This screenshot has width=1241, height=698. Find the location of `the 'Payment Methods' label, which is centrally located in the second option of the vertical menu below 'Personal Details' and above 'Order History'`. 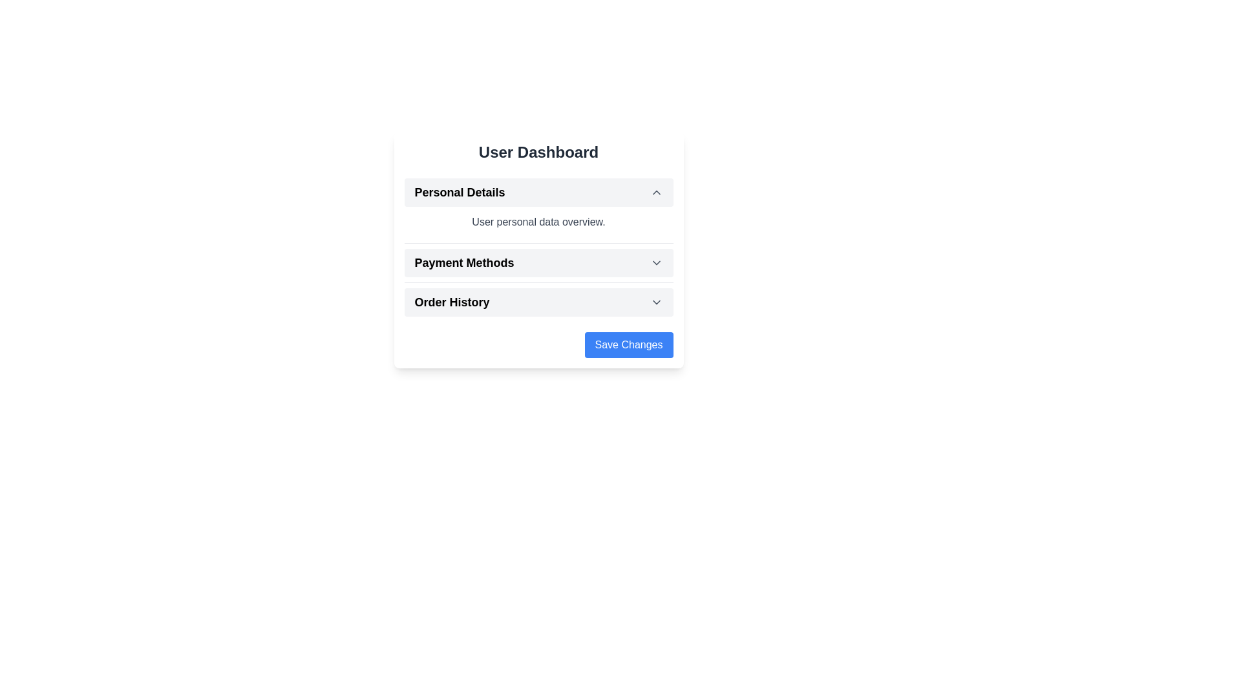

the 'Payment Methods' label, which is centrally located in the second option of the vertical menu below 'Personal Details' and above 'Order History' is located at coordinates (464, 262).